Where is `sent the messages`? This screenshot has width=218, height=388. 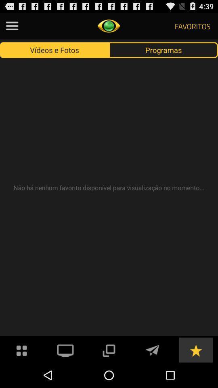 sent the messages is located at coordinates (152, 349).